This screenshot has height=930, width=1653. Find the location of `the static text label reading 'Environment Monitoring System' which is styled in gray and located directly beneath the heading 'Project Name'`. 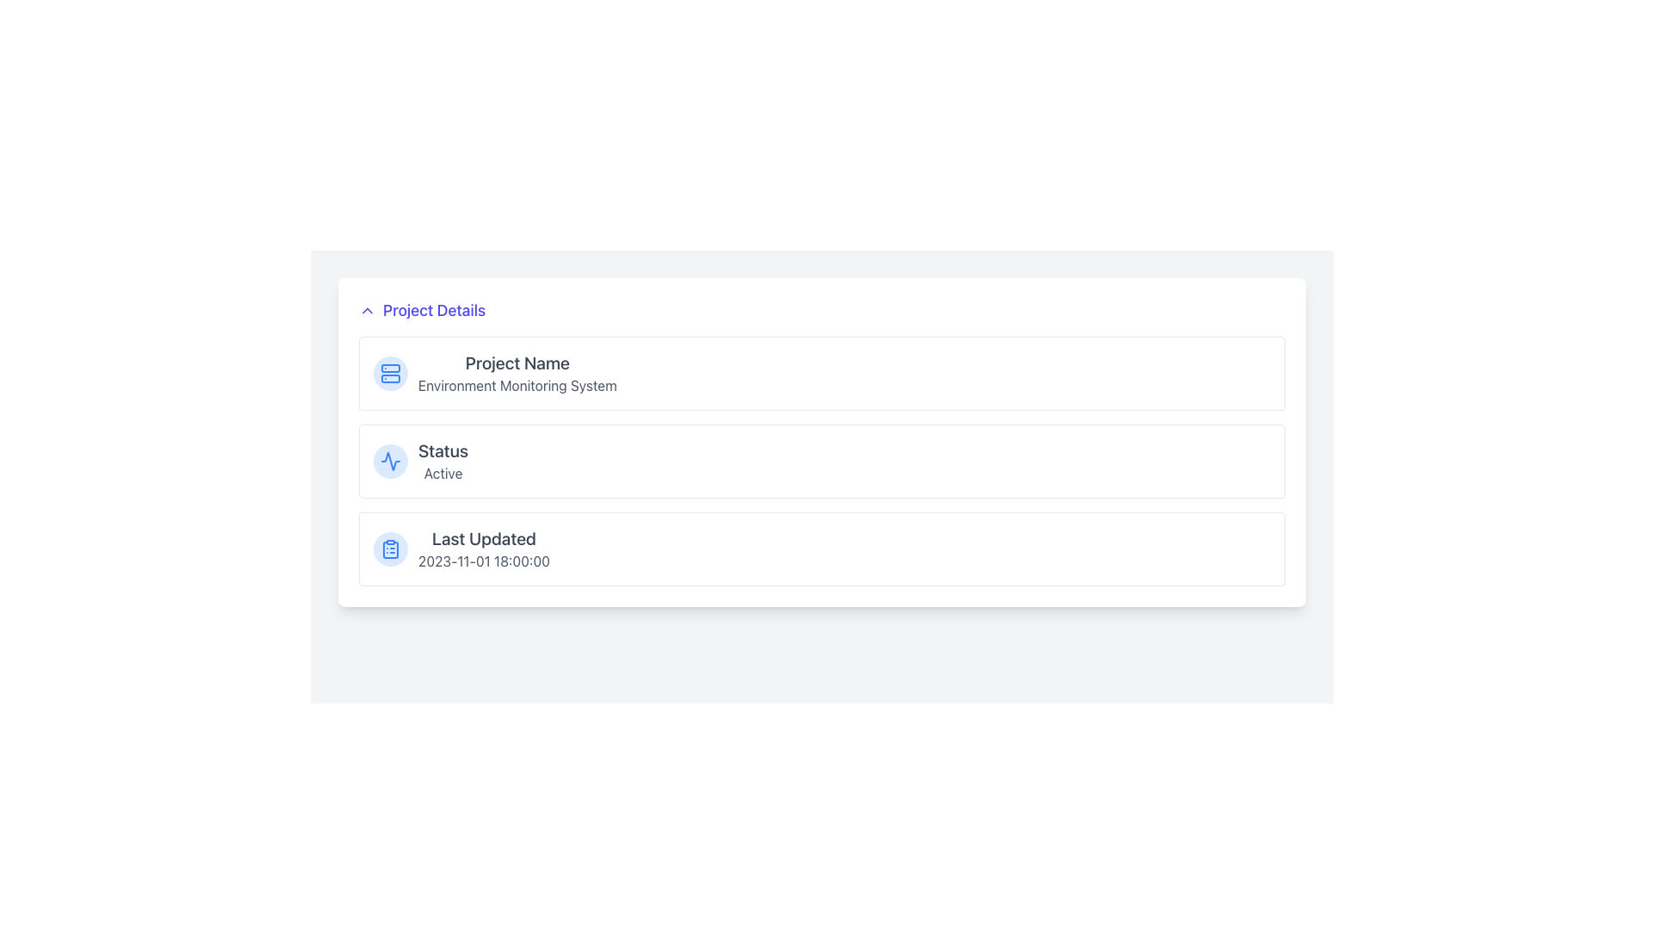

the static text label reading 'Environment Monitoring System' which is styled in gray and located directly beneath the heading 'Project Name' is located at coordinates (517, 384).